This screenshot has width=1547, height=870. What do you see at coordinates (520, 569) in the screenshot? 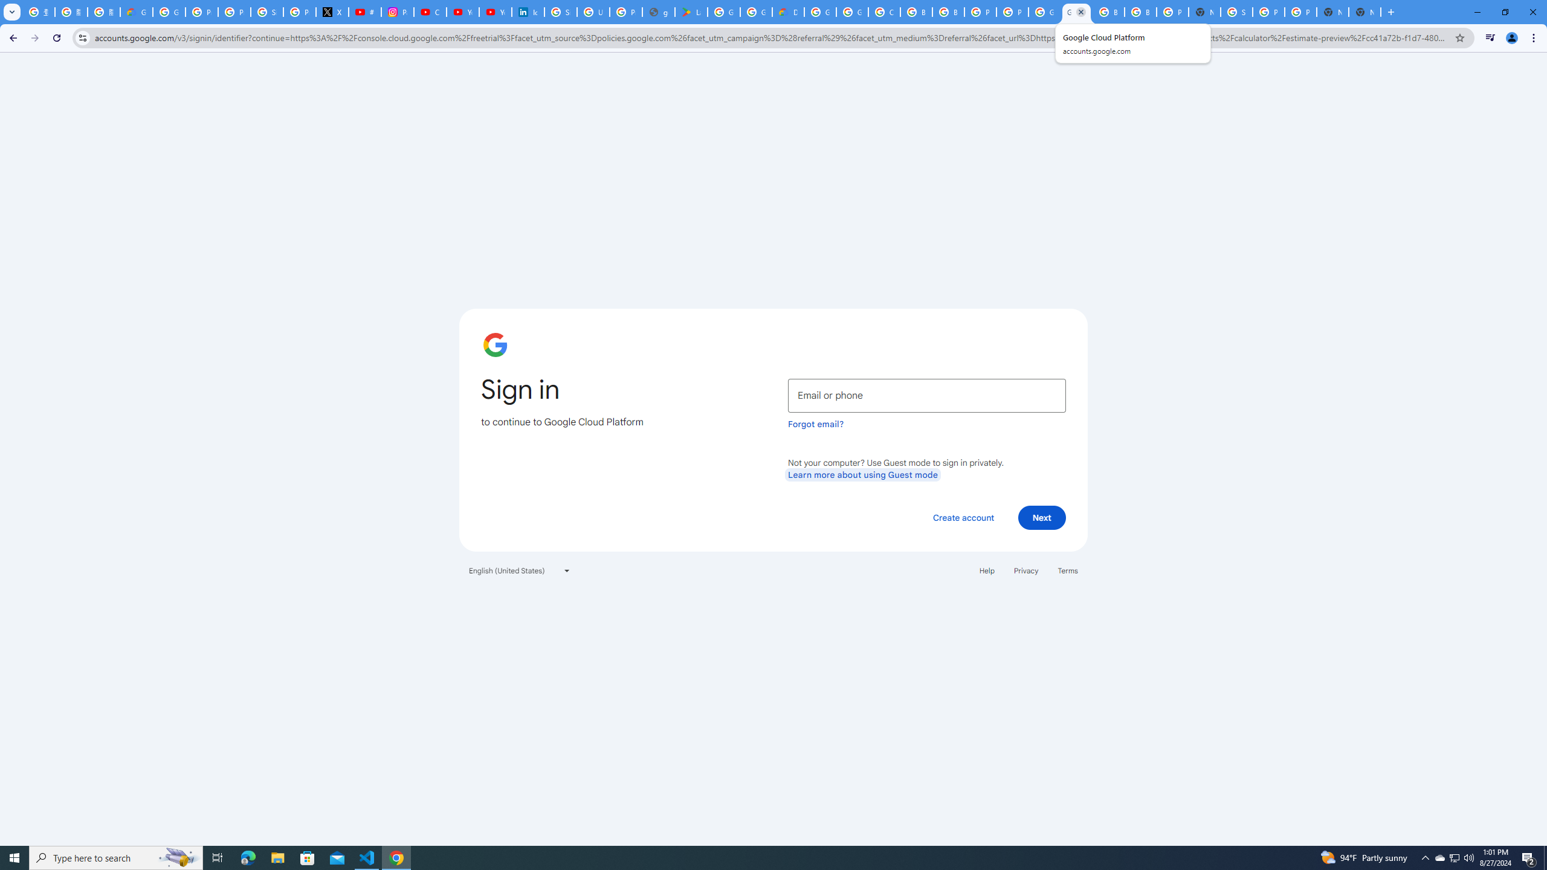
I see `'English (United States)'` at bounding box center [520, 569].